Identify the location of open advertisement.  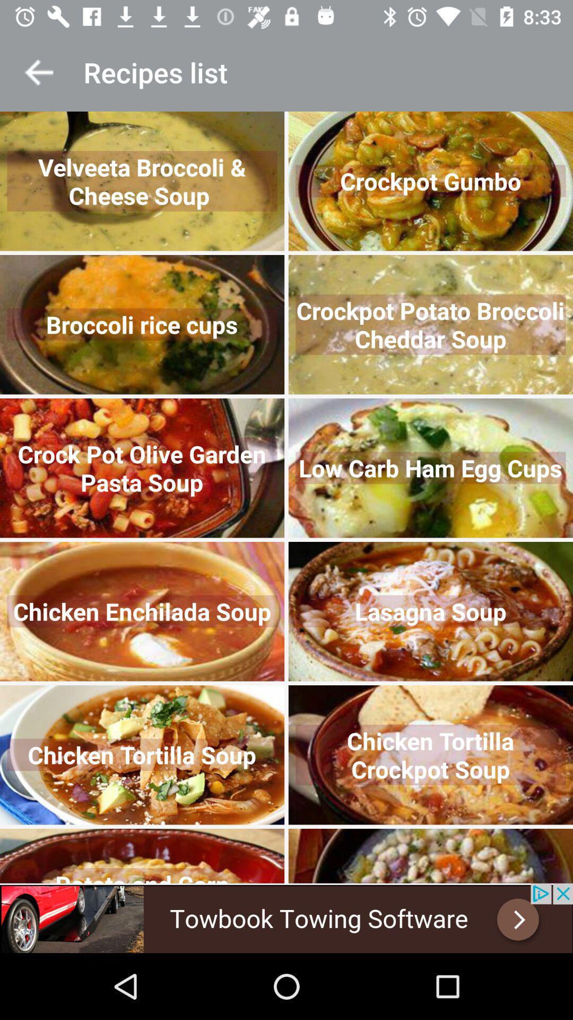
(286, 917).